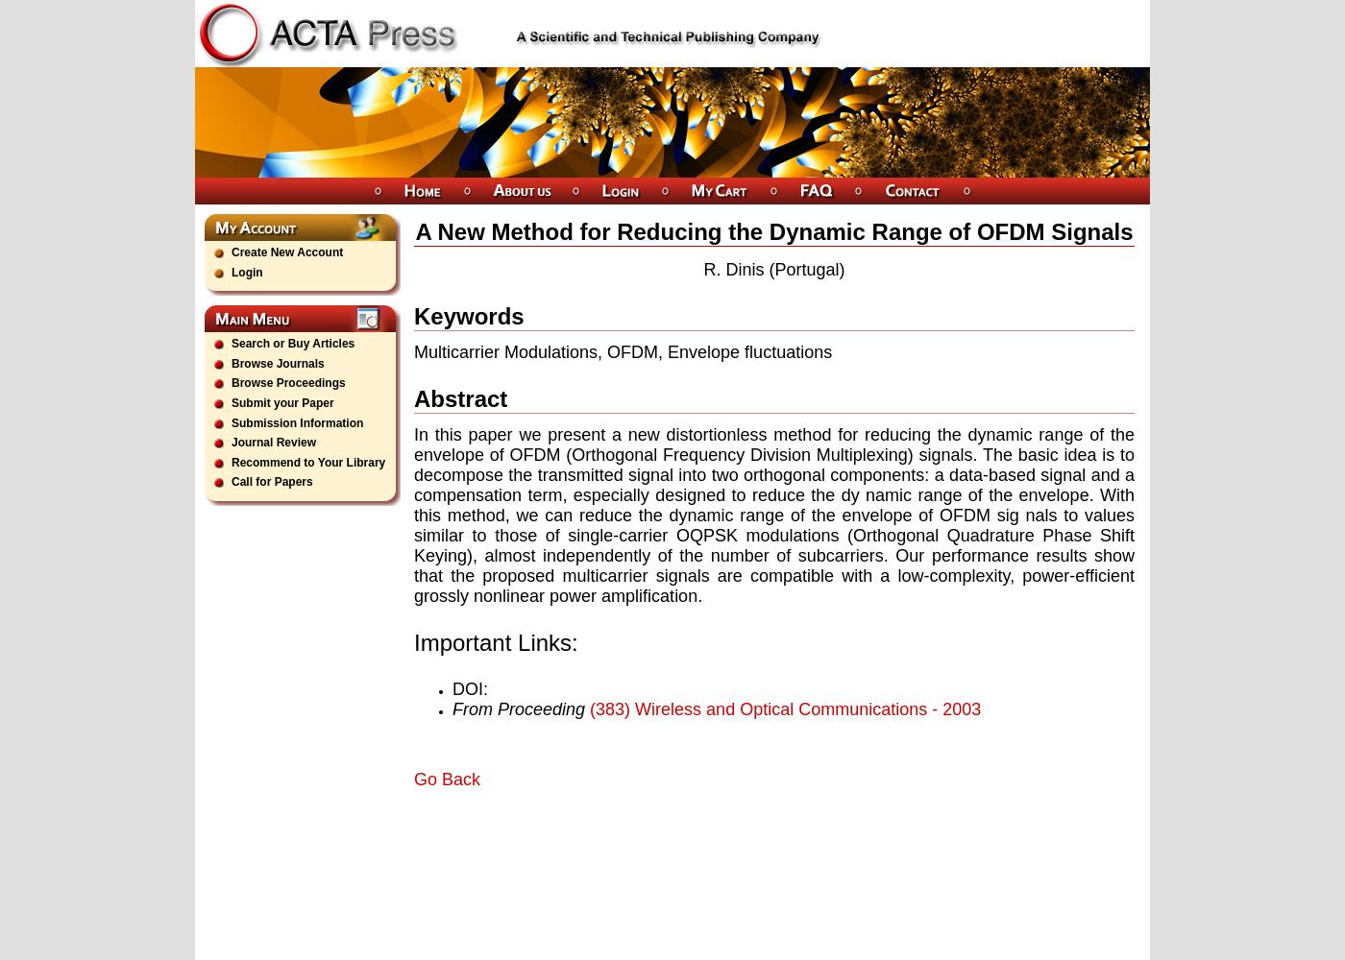  Describe the element at coordinates (247, 272) in the screenshot. I see `'Login'` at that location.